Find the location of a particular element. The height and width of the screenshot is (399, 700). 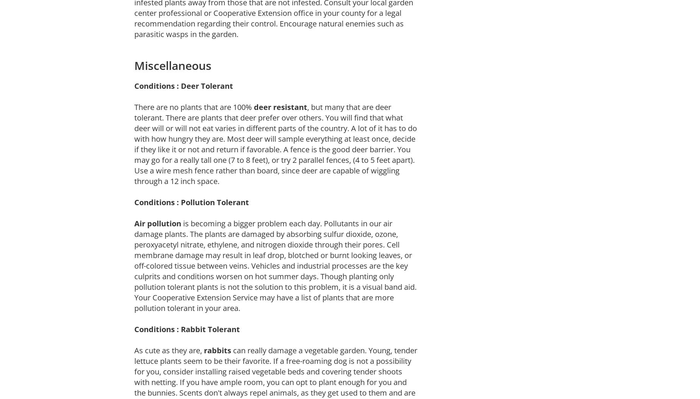

'Conditions : Rabbit Tolerant' is located at coordinates (187, 328).